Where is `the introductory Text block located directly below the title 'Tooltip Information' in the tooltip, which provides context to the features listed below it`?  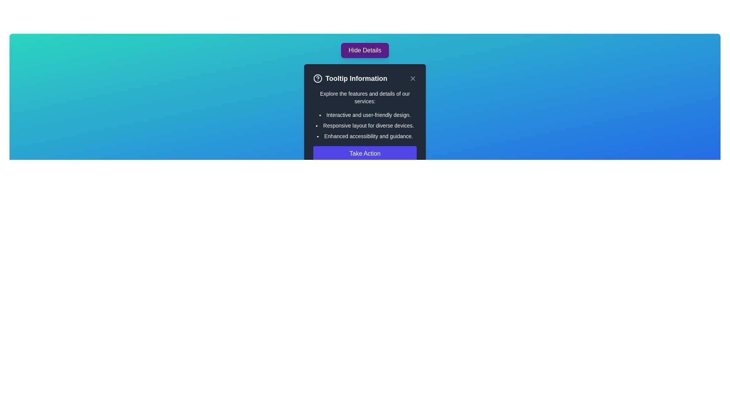 the introductory Text block located directly below the title 'Tooltip Information' in the tooltip, which provides context to the features listed below it is located at coordinates (365, 97).